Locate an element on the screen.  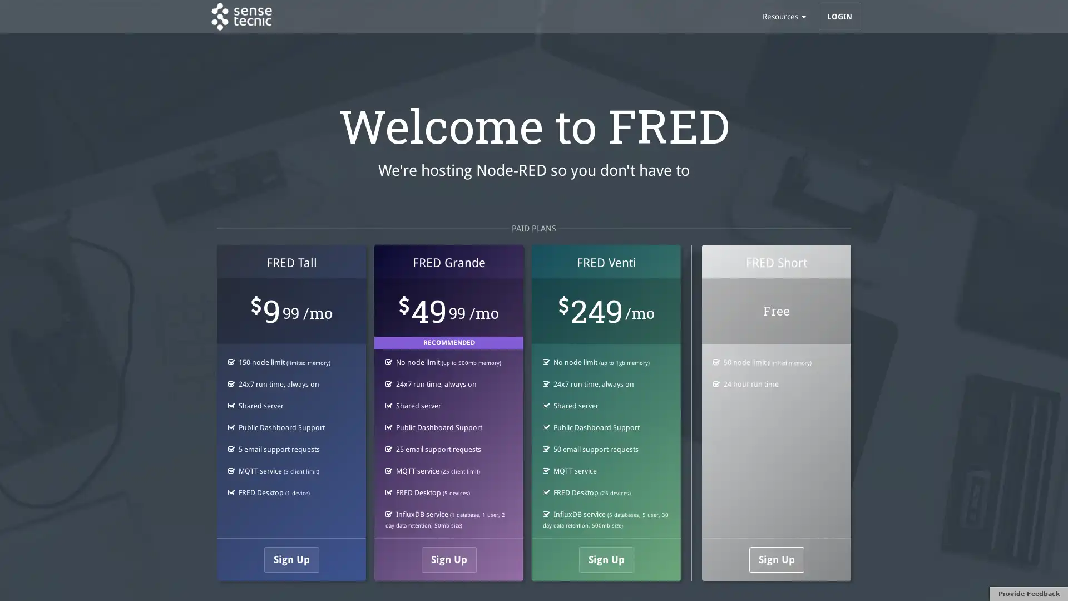
Sign Up is located at coordinates (605, 559).